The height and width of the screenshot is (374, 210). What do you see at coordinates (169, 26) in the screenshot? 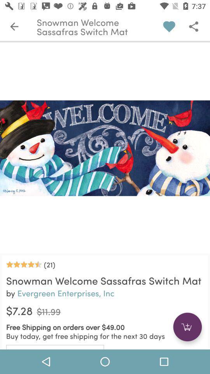
I see `the love symbol` at bounding box center [169, 26].